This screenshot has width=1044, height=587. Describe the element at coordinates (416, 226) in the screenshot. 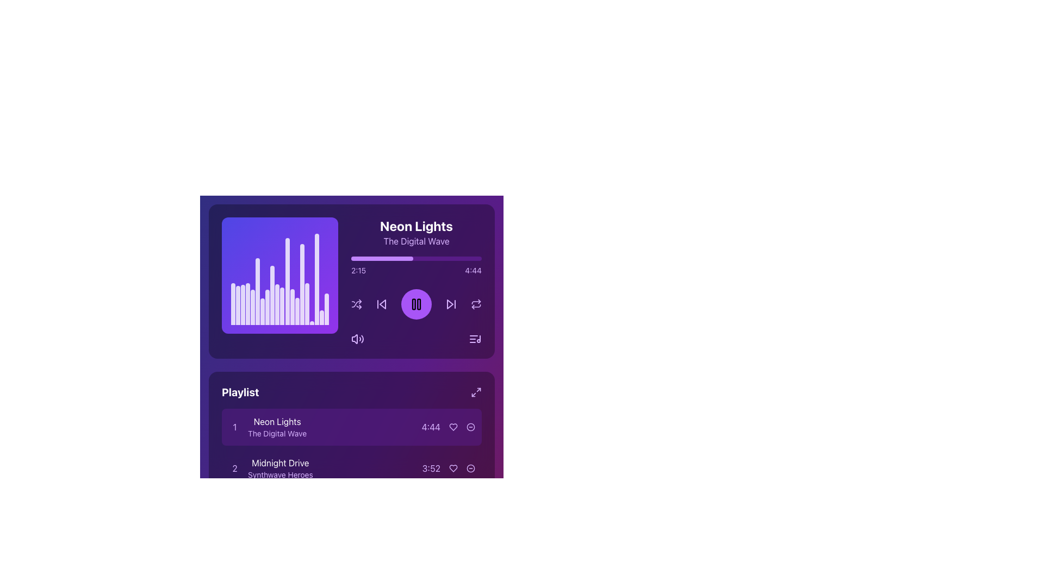

I see `the Label (Text Display) that shows the name of the currently playing song, positioned centrally above the progress bar and playback controls` at that location.